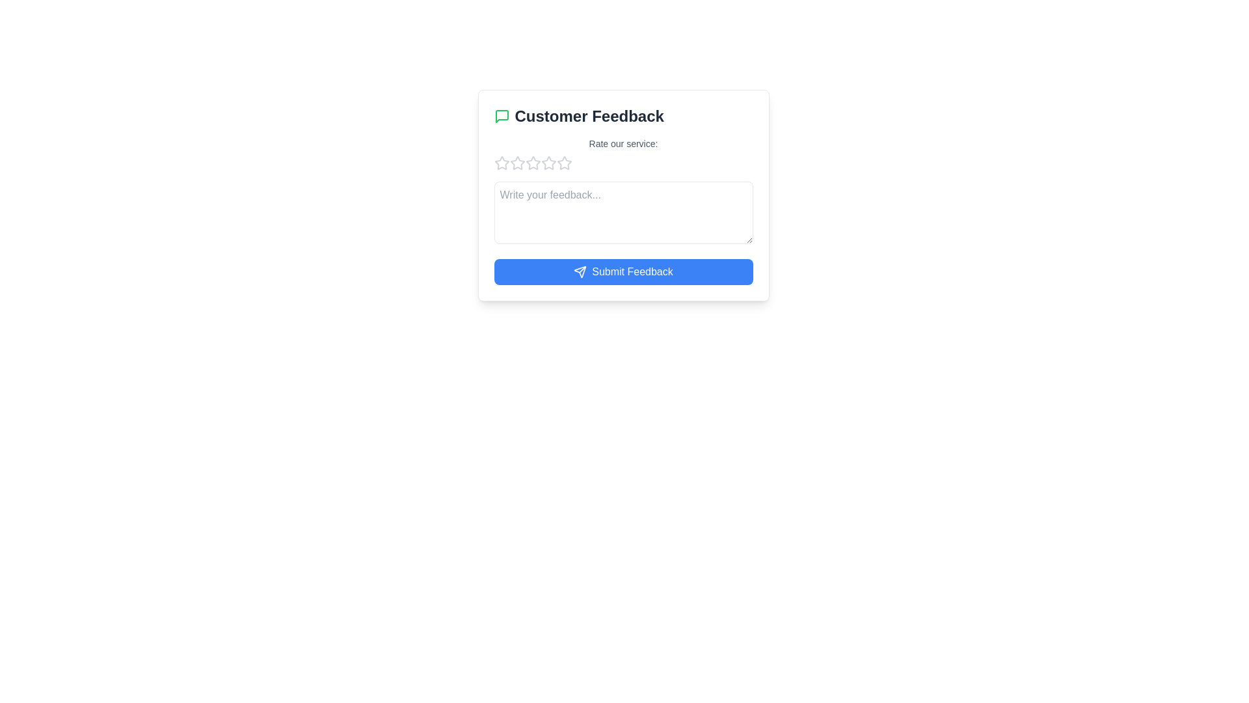  What do you see at coordinates (501, 115) in the screenshot?
I see `the communication icon located at the top-left corner of the customer feedback interface for accessibility purposes` at bounding box center [501, 115].